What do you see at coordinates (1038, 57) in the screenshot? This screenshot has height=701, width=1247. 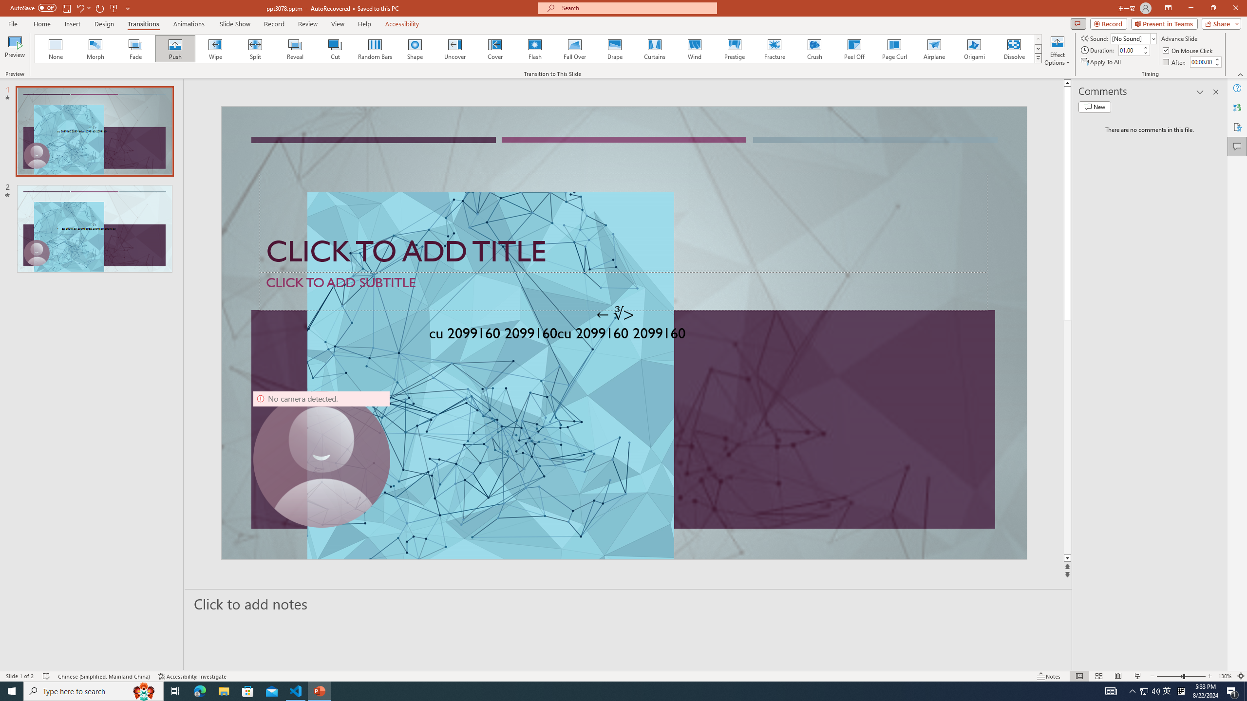 I see `'Transition Effects'` at bounding box center [1038, 57].